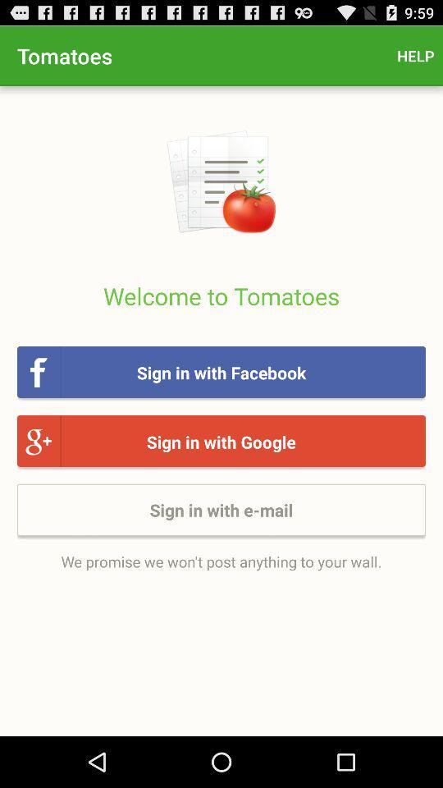 Image resolution: width=443 pixels, height=788 pixels. Describe the element at coordinates (414, 56) in the screenshot. I see `app to the right of the tomatoes icon` at that location.